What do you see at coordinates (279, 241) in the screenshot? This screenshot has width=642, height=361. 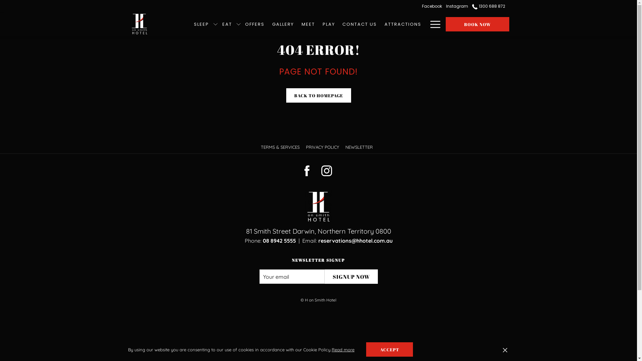 I see `'08 8942 5555'` at bounding box center [279, 241].